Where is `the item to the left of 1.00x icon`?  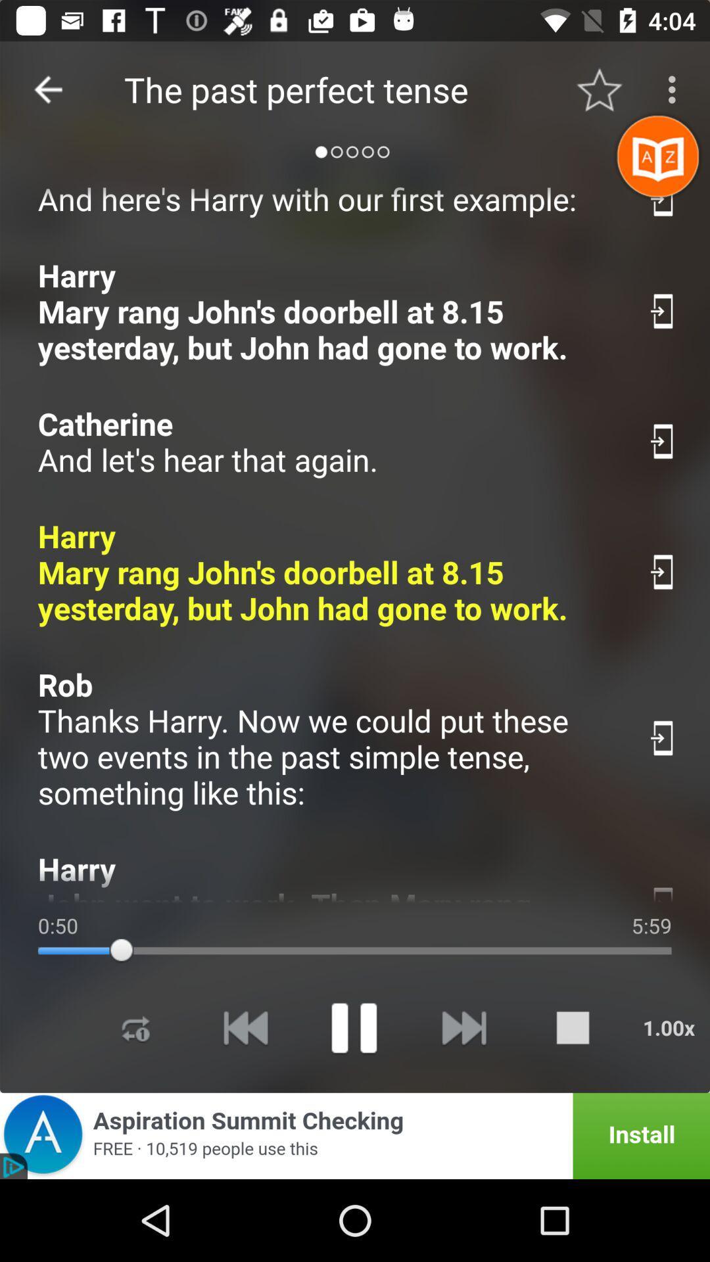 the item to the left of 1.00x icon is located at coordinates (572, 1027).